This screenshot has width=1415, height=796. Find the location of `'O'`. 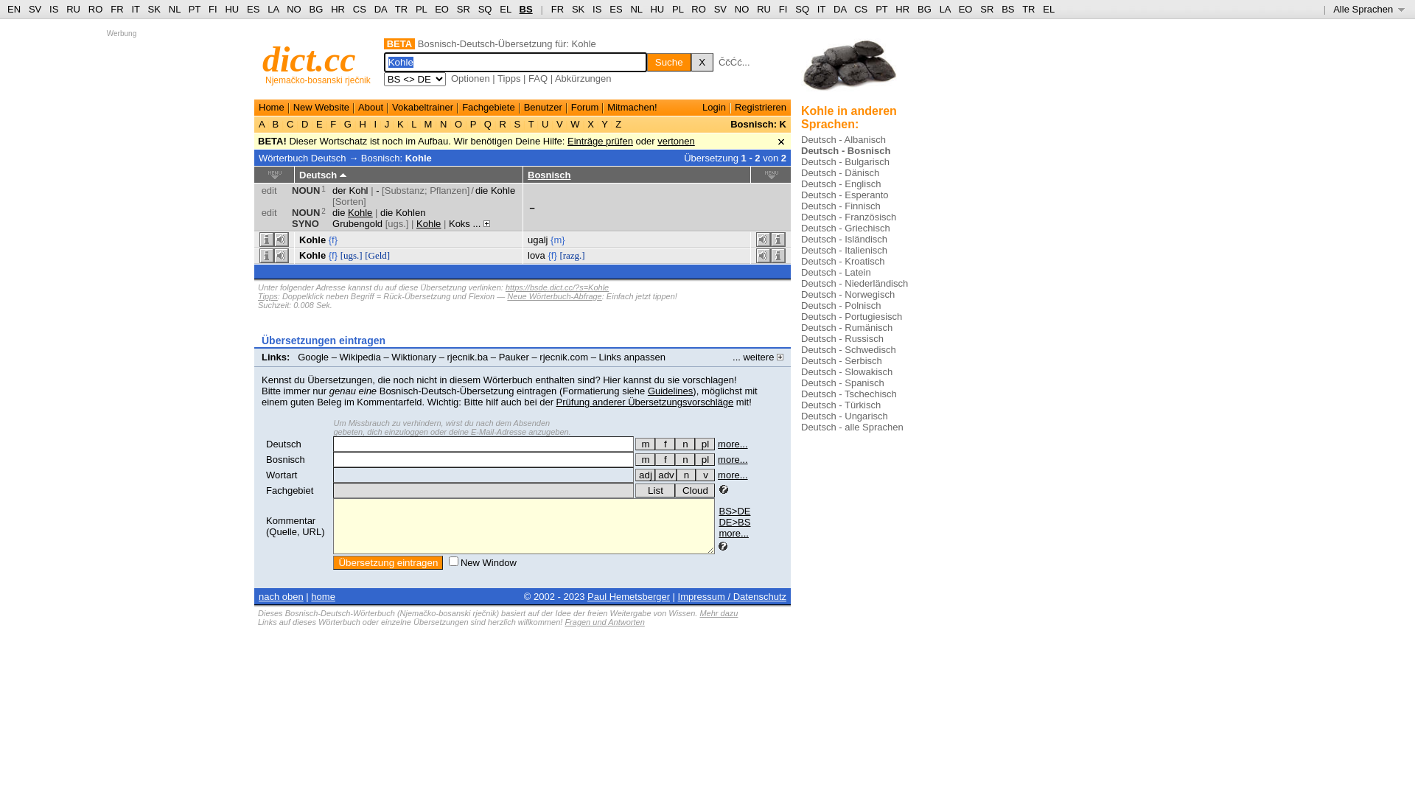

'O' is located at coordinates (457, 123).